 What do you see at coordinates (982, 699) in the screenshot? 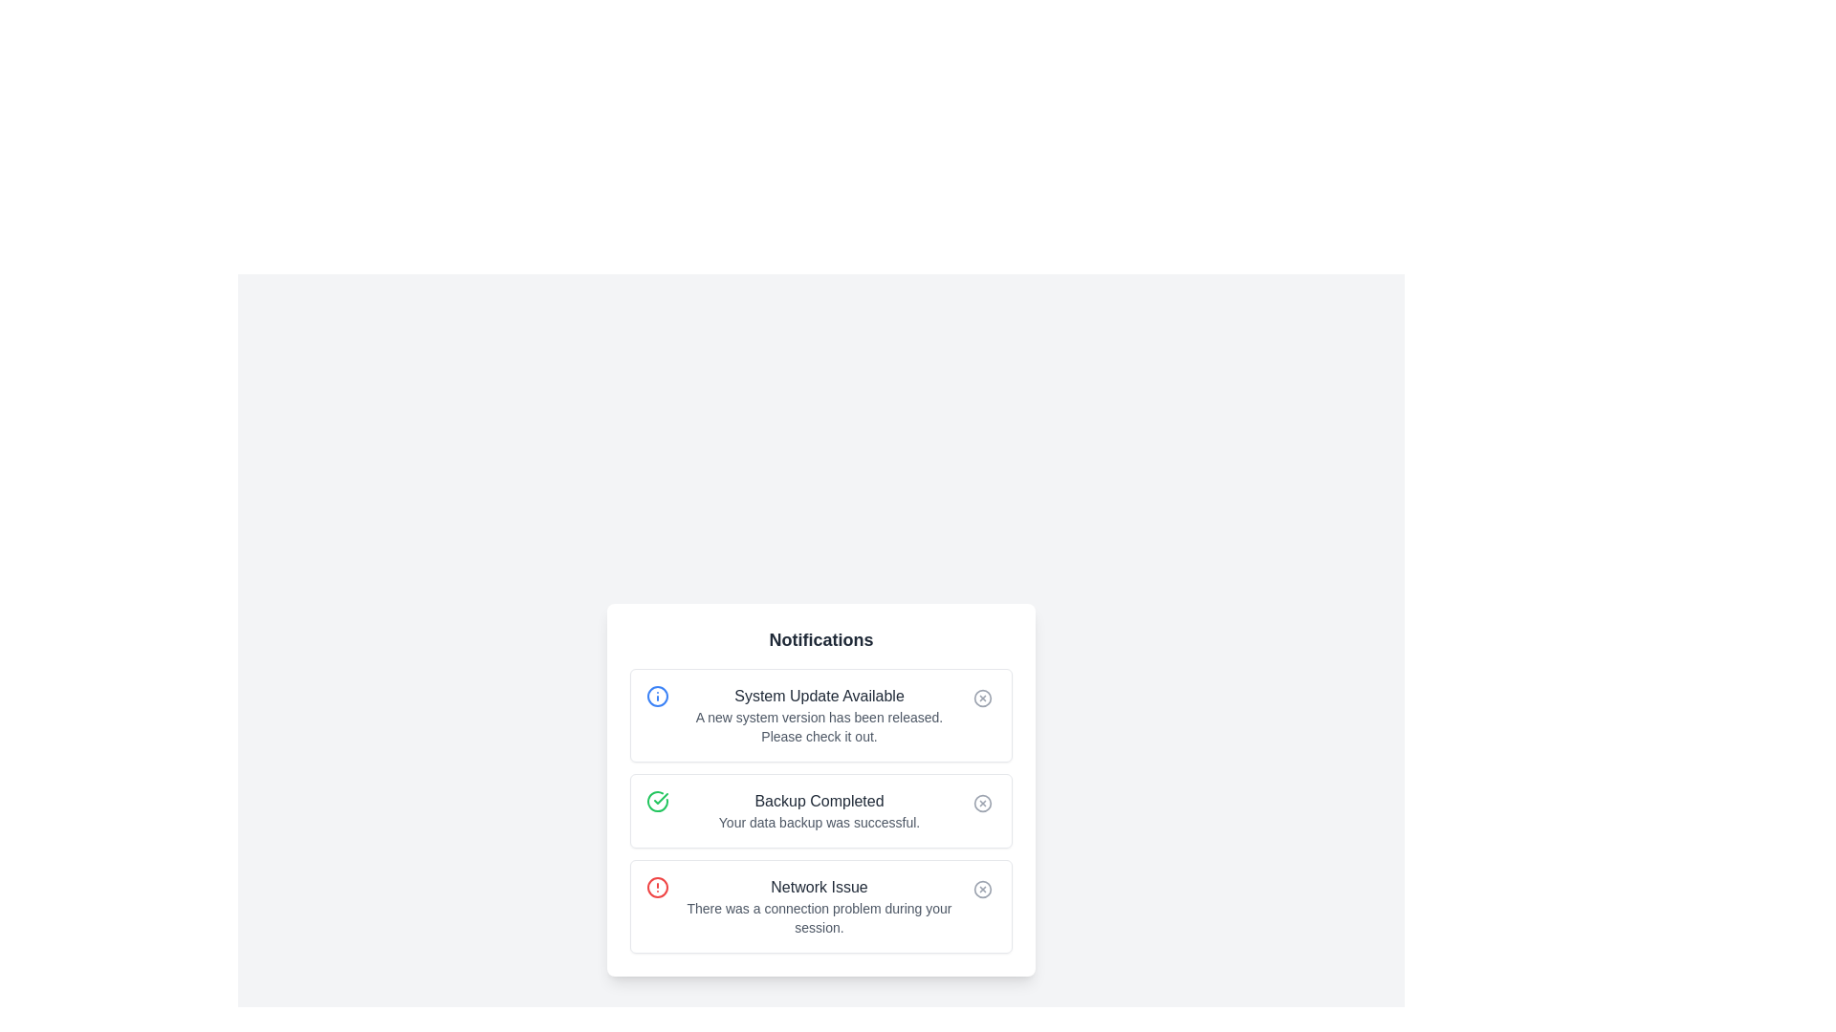
I see `the dismiss button located at the top-right of the 'System Update Available' notification card` at bounding box center [982, 699].